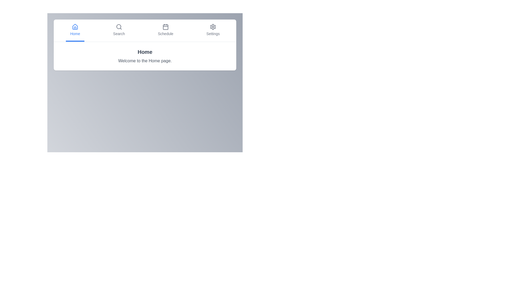 The image size is (508, 285). I want to click on the tab labeled Settings, so click(213, 30).